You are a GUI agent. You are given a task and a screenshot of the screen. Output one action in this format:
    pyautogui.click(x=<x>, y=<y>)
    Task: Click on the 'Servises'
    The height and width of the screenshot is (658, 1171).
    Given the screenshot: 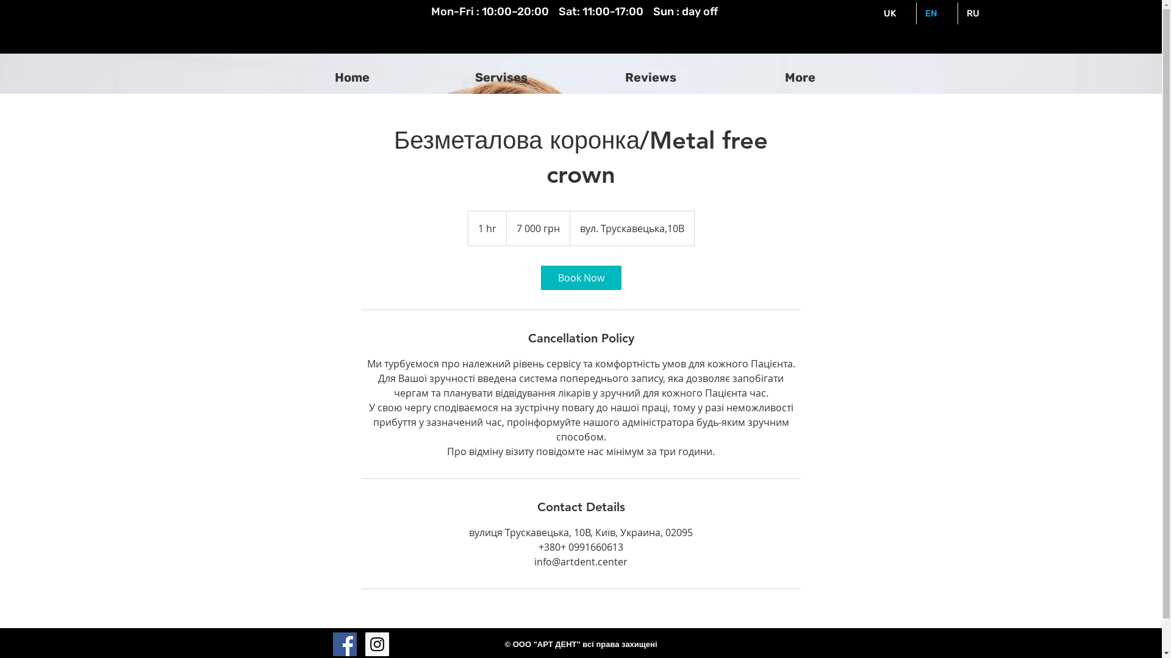 What is the action you would take?
    pyautogui.click(x=501, y=77)
    